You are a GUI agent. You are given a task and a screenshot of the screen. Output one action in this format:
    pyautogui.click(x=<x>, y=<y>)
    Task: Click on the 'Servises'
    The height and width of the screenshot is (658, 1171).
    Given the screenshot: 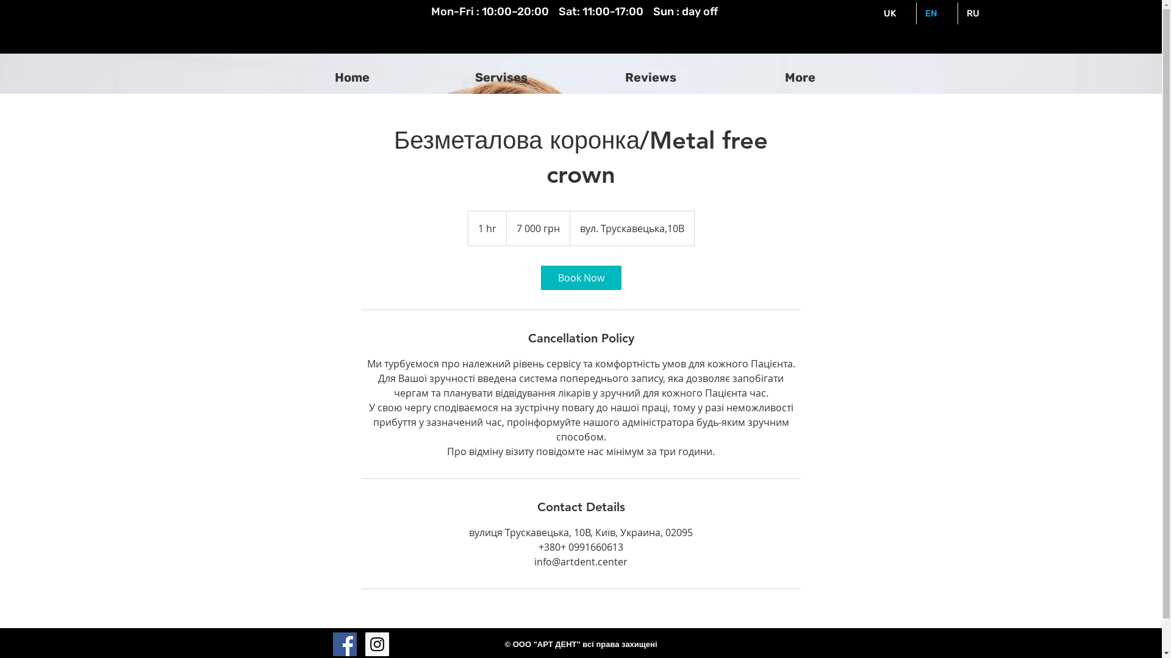 What is the action you would take?
    pyautogui.click(x=501, y=77)
    